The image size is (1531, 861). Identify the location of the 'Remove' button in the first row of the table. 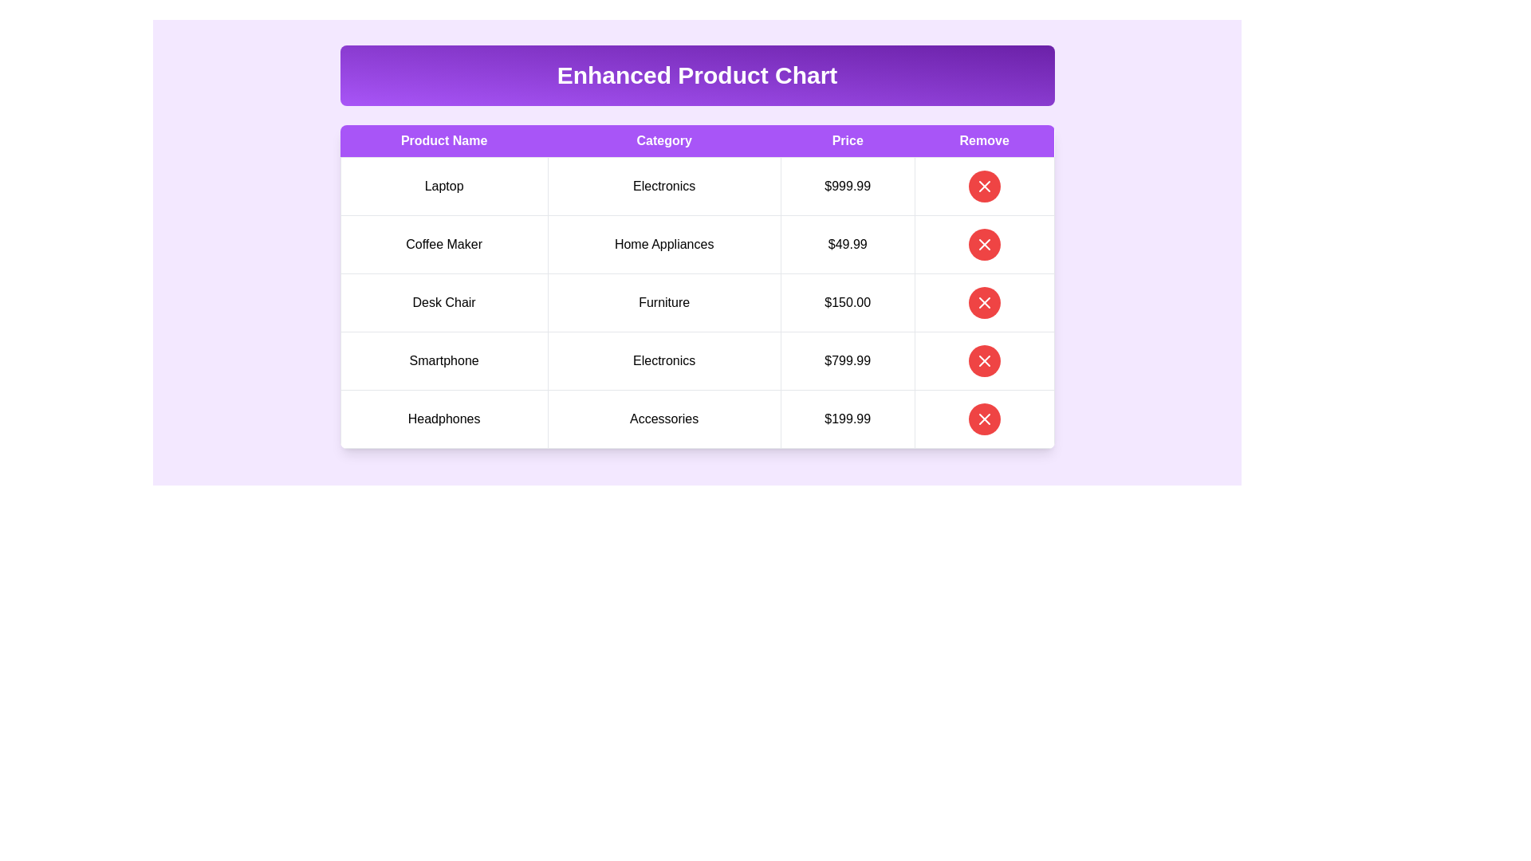
(983, 186).